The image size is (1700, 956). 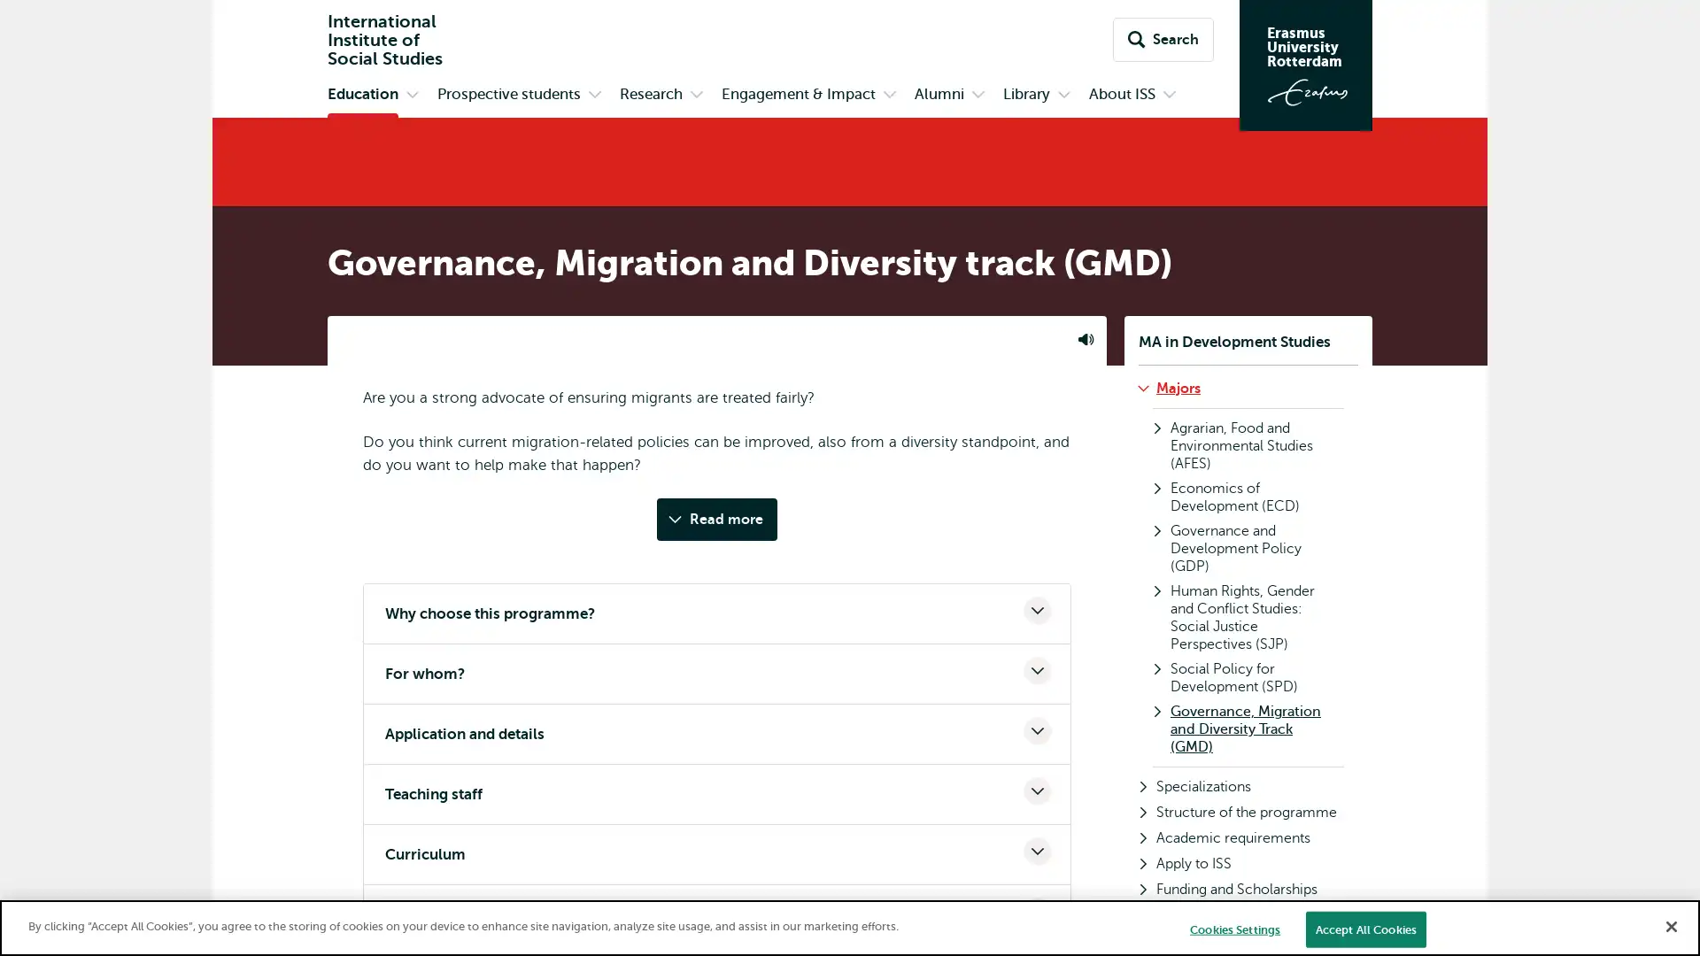 What do you see at coordinates (717, 914) in the screenshot?
I see `Didactic approach` at bounding box center [717, 914].